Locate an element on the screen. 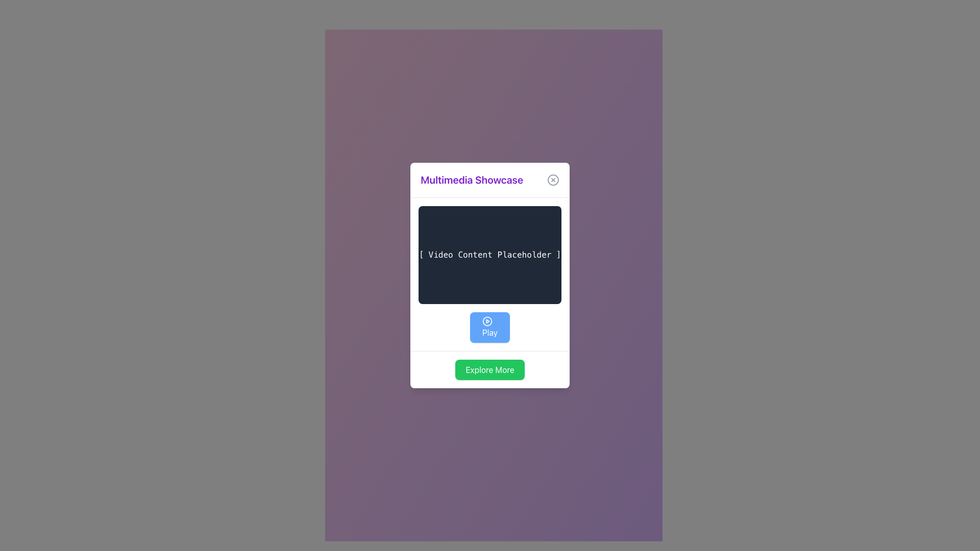  the call-to-action button located at the bottom center of the 'Multimedia Showcase' modal is located at coordinates (490, 369).